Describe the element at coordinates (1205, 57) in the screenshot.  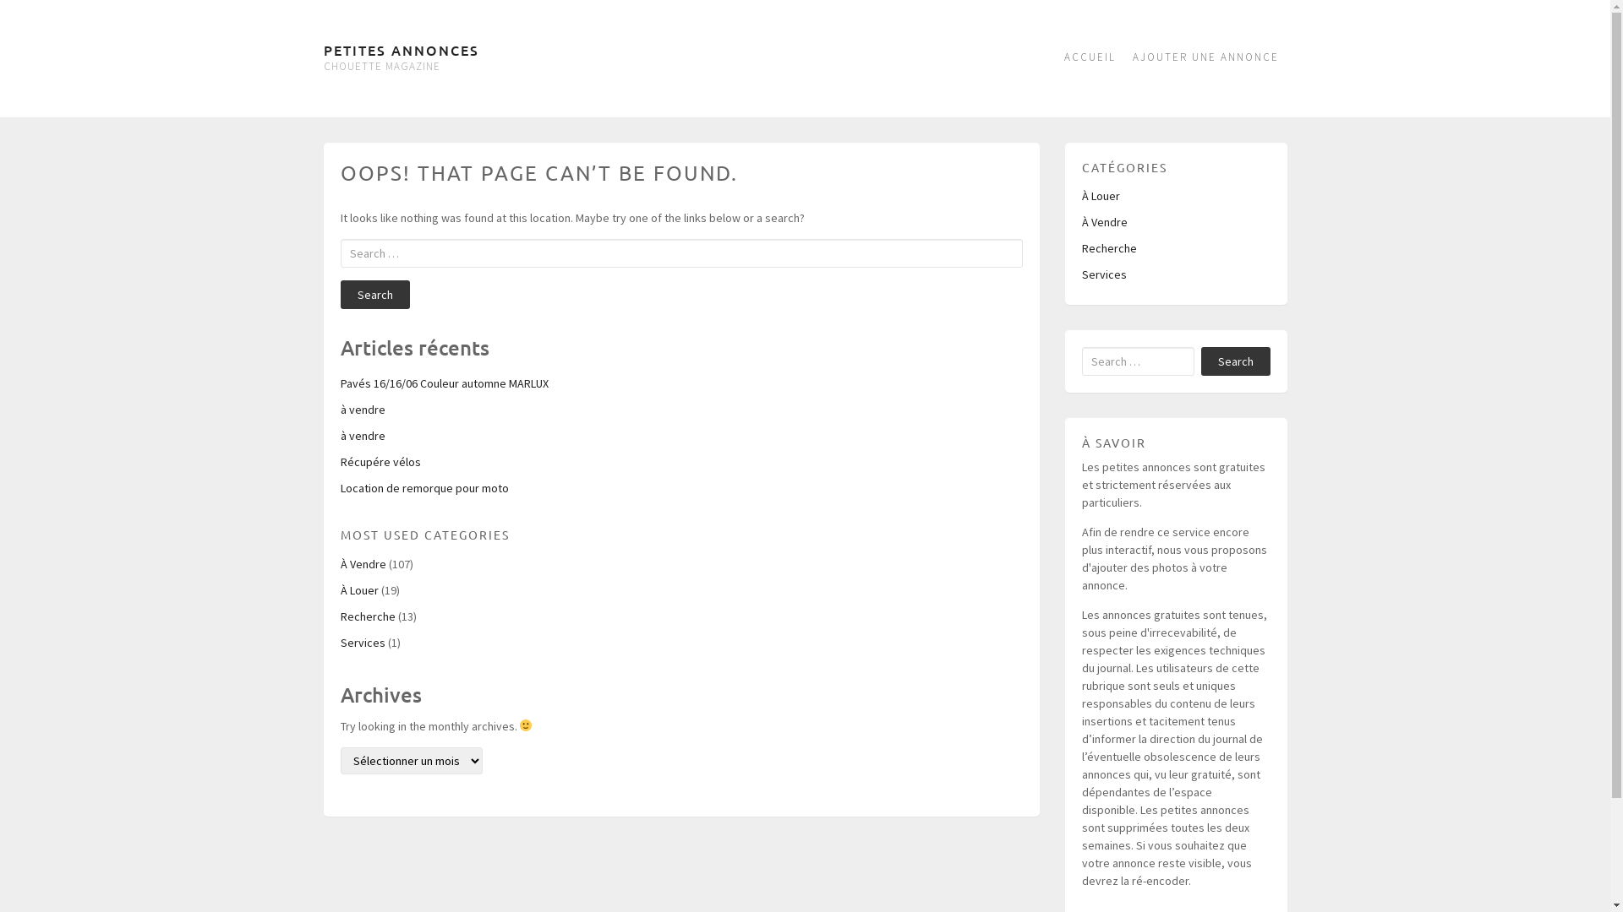
I see `'AJOUTER UNE ANNONCE'` at that location.